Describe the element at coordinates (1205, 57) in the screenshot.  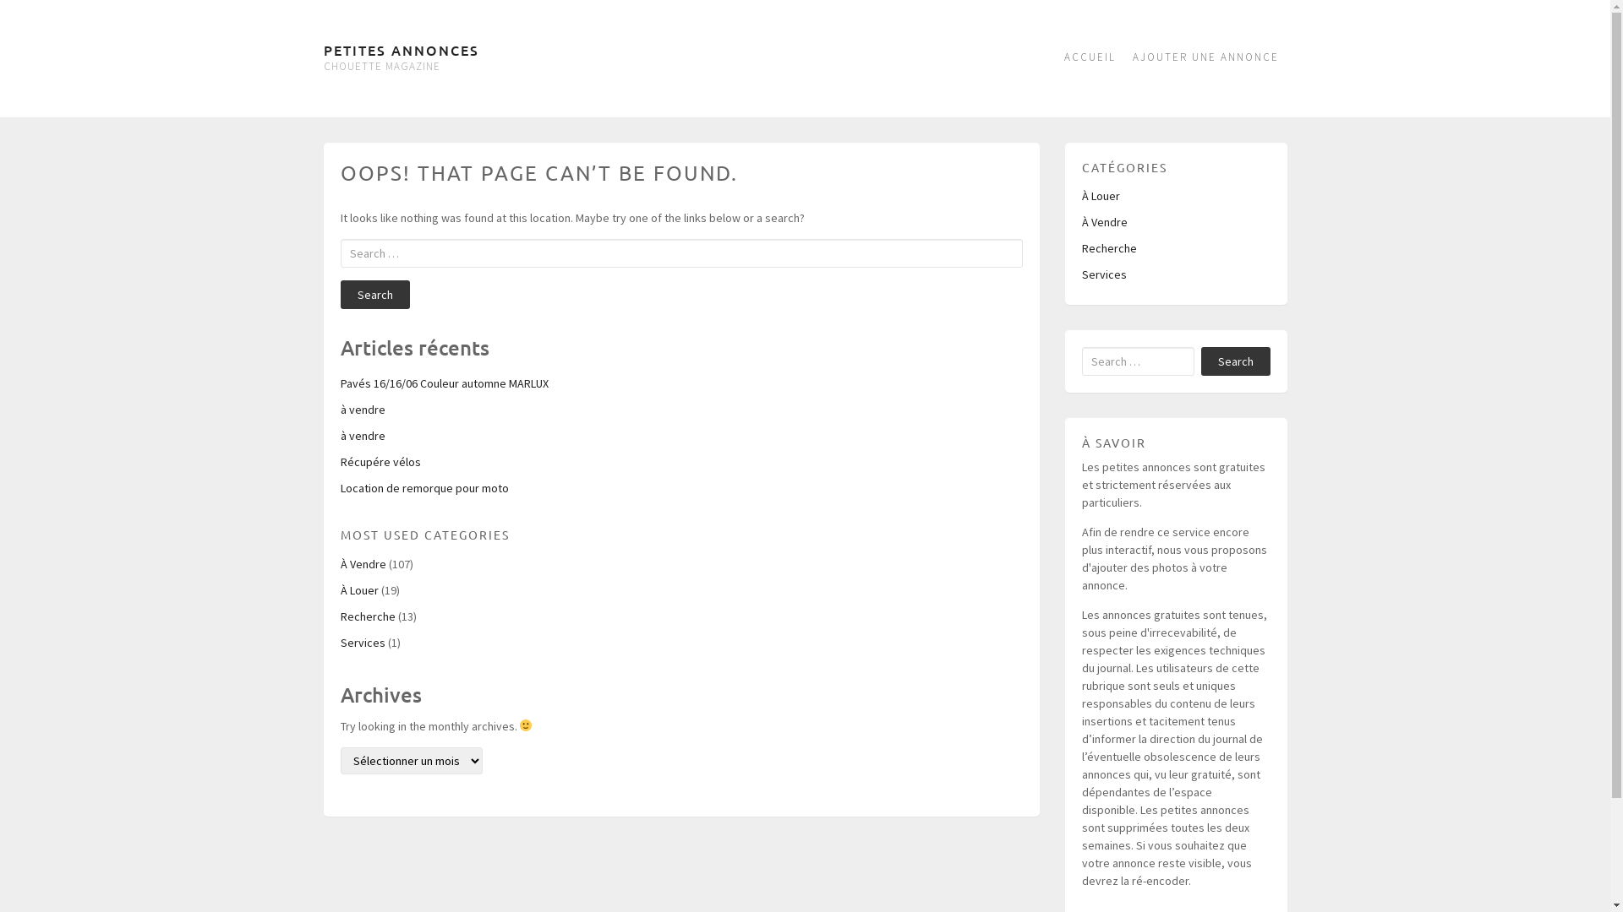
I see `'AJOUTER UNE ANNONCE'` at that location.